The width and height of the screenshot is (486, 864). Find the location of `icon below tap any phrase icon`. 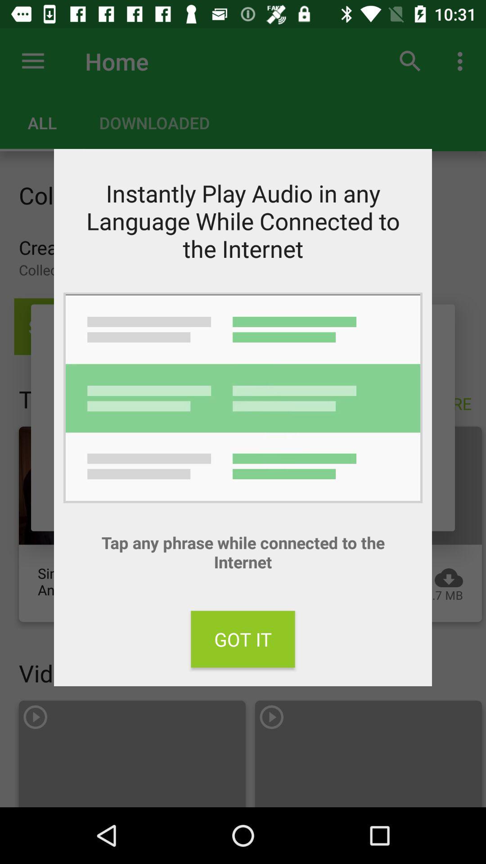

icon below tap any phrase icon is located at coordinates (243, 639).